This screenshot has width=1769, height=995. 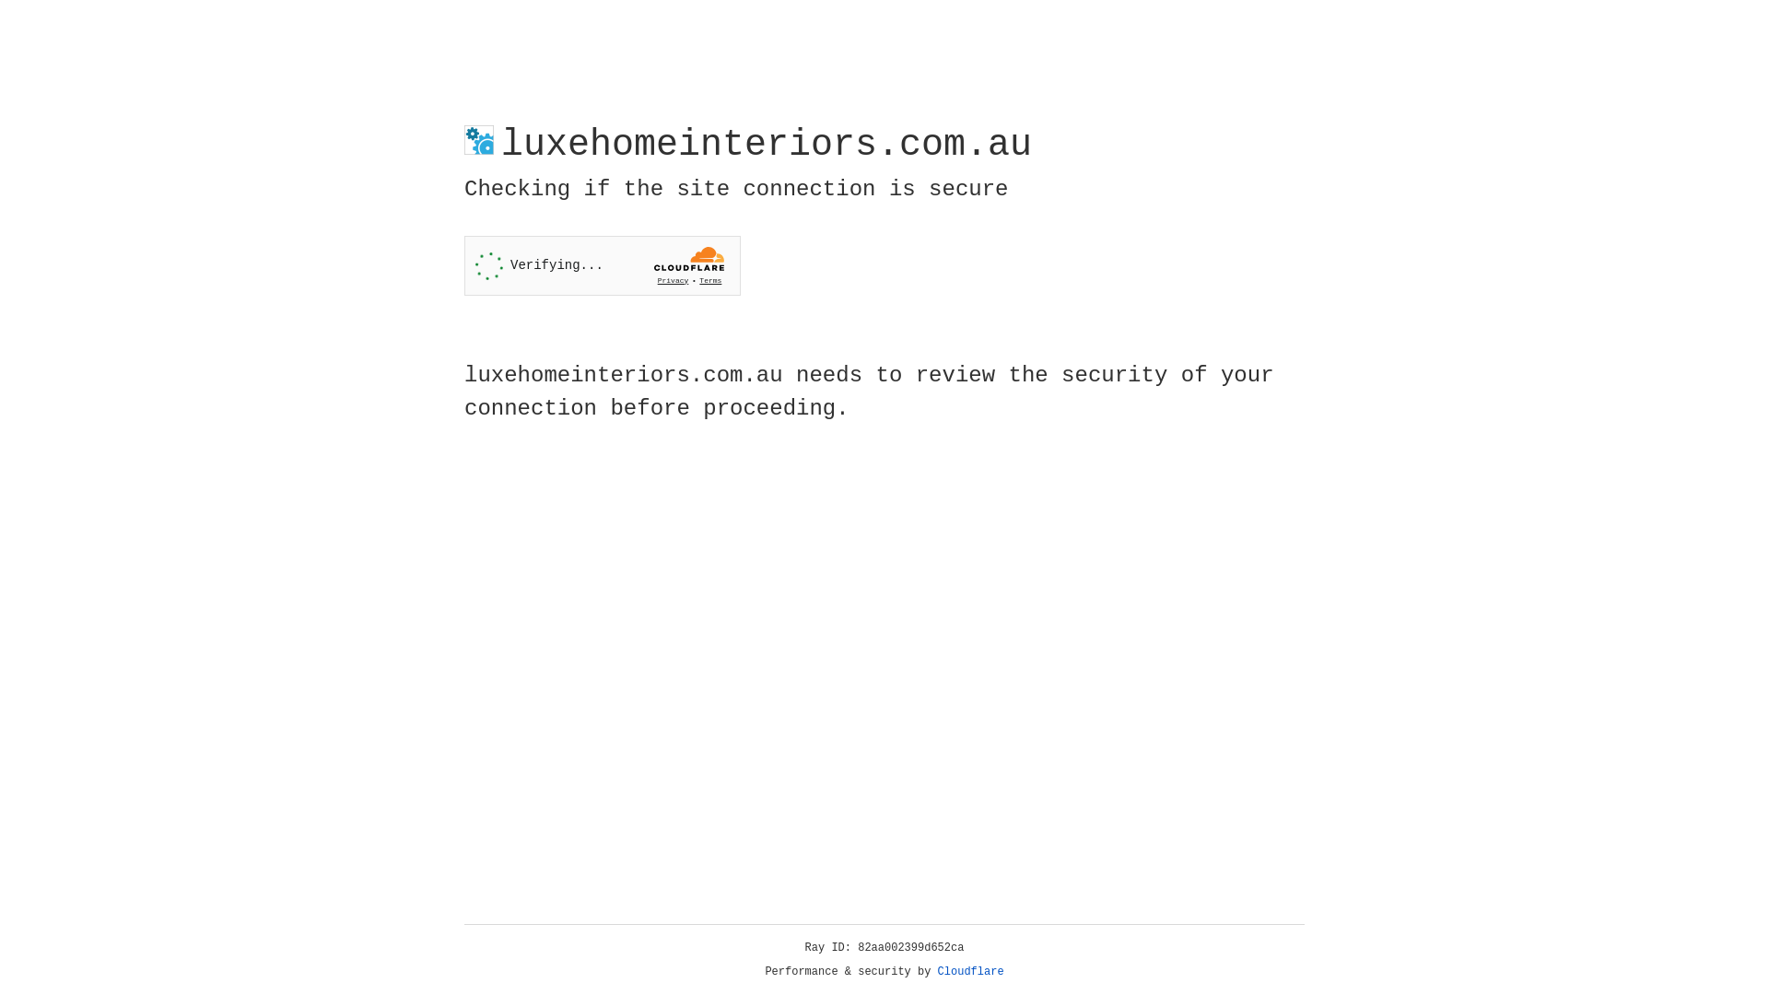 I want to click on 'Cloudflare', so click(x=970, y=971).